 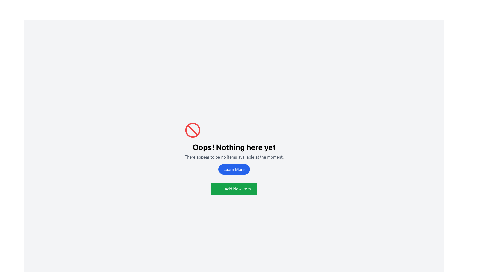 What do you see at coordinates (192, 130) in the screenshot?
I see `the restriction icon centered above the text 'Oops! Nothing here yet', which is part of an SVG containing a circle and diagonal line` at bounding box center [192, 130].